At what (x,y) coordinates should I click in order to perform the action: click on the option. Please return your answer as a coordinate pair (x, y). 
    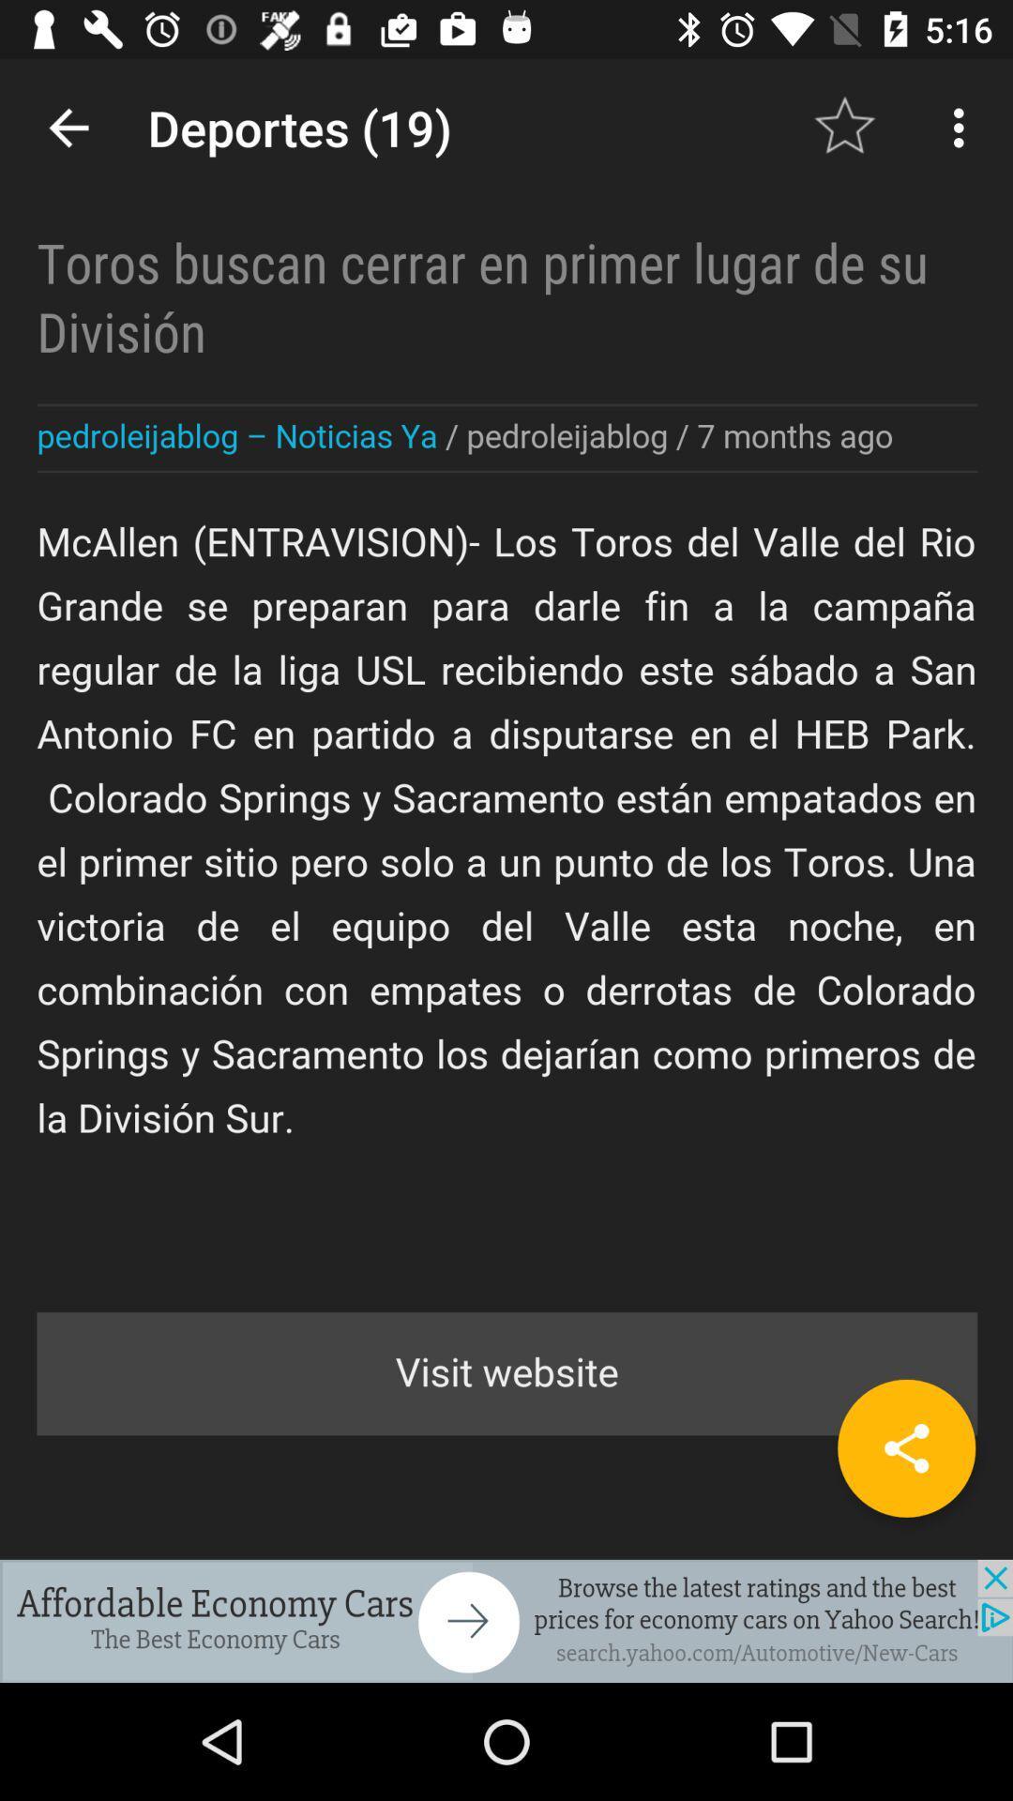
    Looking at the image, I should click on (506, 1620).